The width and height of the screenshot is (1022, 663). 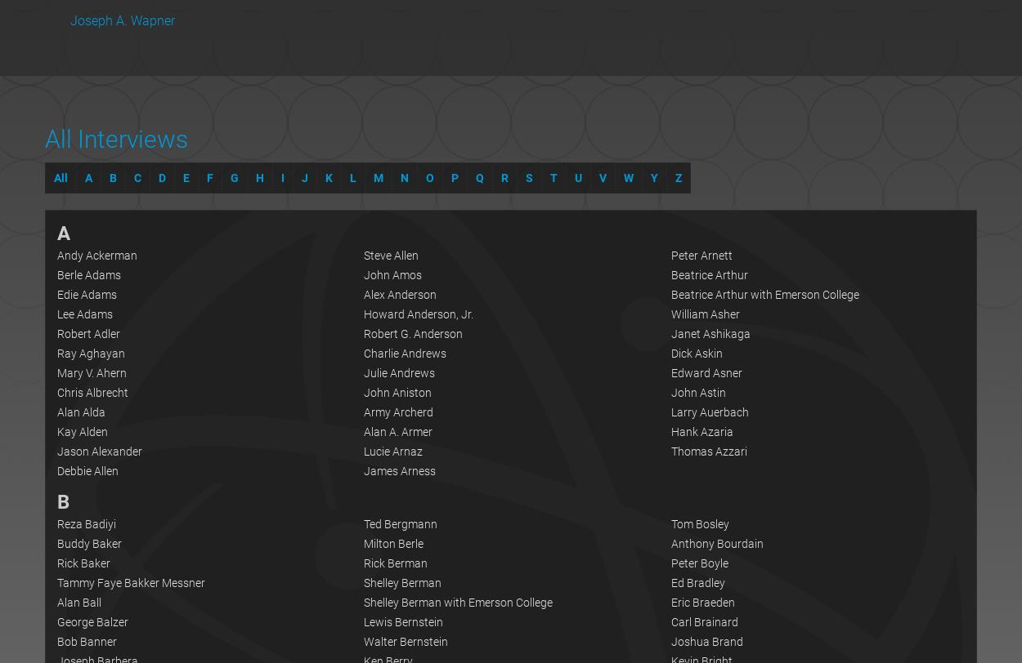 What do you see at coordinates (670, 543) in the screenshot?
I see `'Anthony Bourdain'` at bounding box center [670, 543].